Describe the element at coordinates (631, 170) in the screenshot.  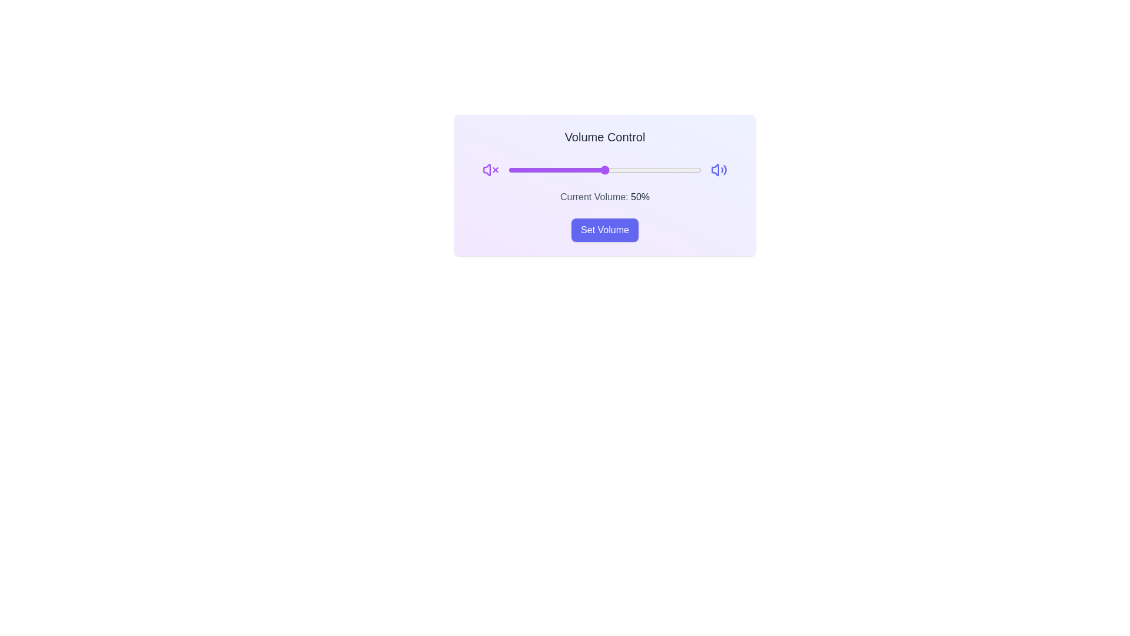
I see `the volume slider to set the volume to 64%` at that location.